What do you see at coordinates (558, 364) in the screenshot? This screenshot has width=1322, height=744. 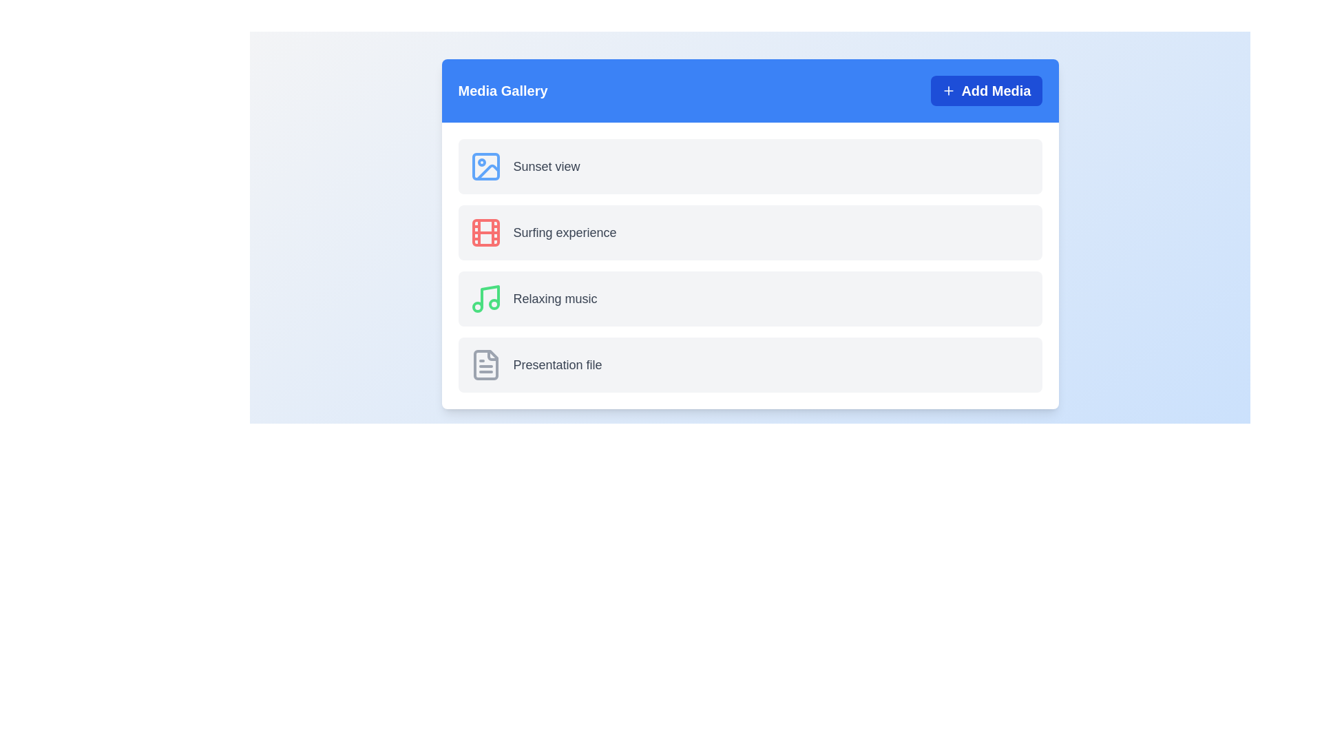 I see `the text label element reading 'Presentation file' located in the fourth item of the list inside the 'Media Gallery' component` at bounding box center [558, 364].